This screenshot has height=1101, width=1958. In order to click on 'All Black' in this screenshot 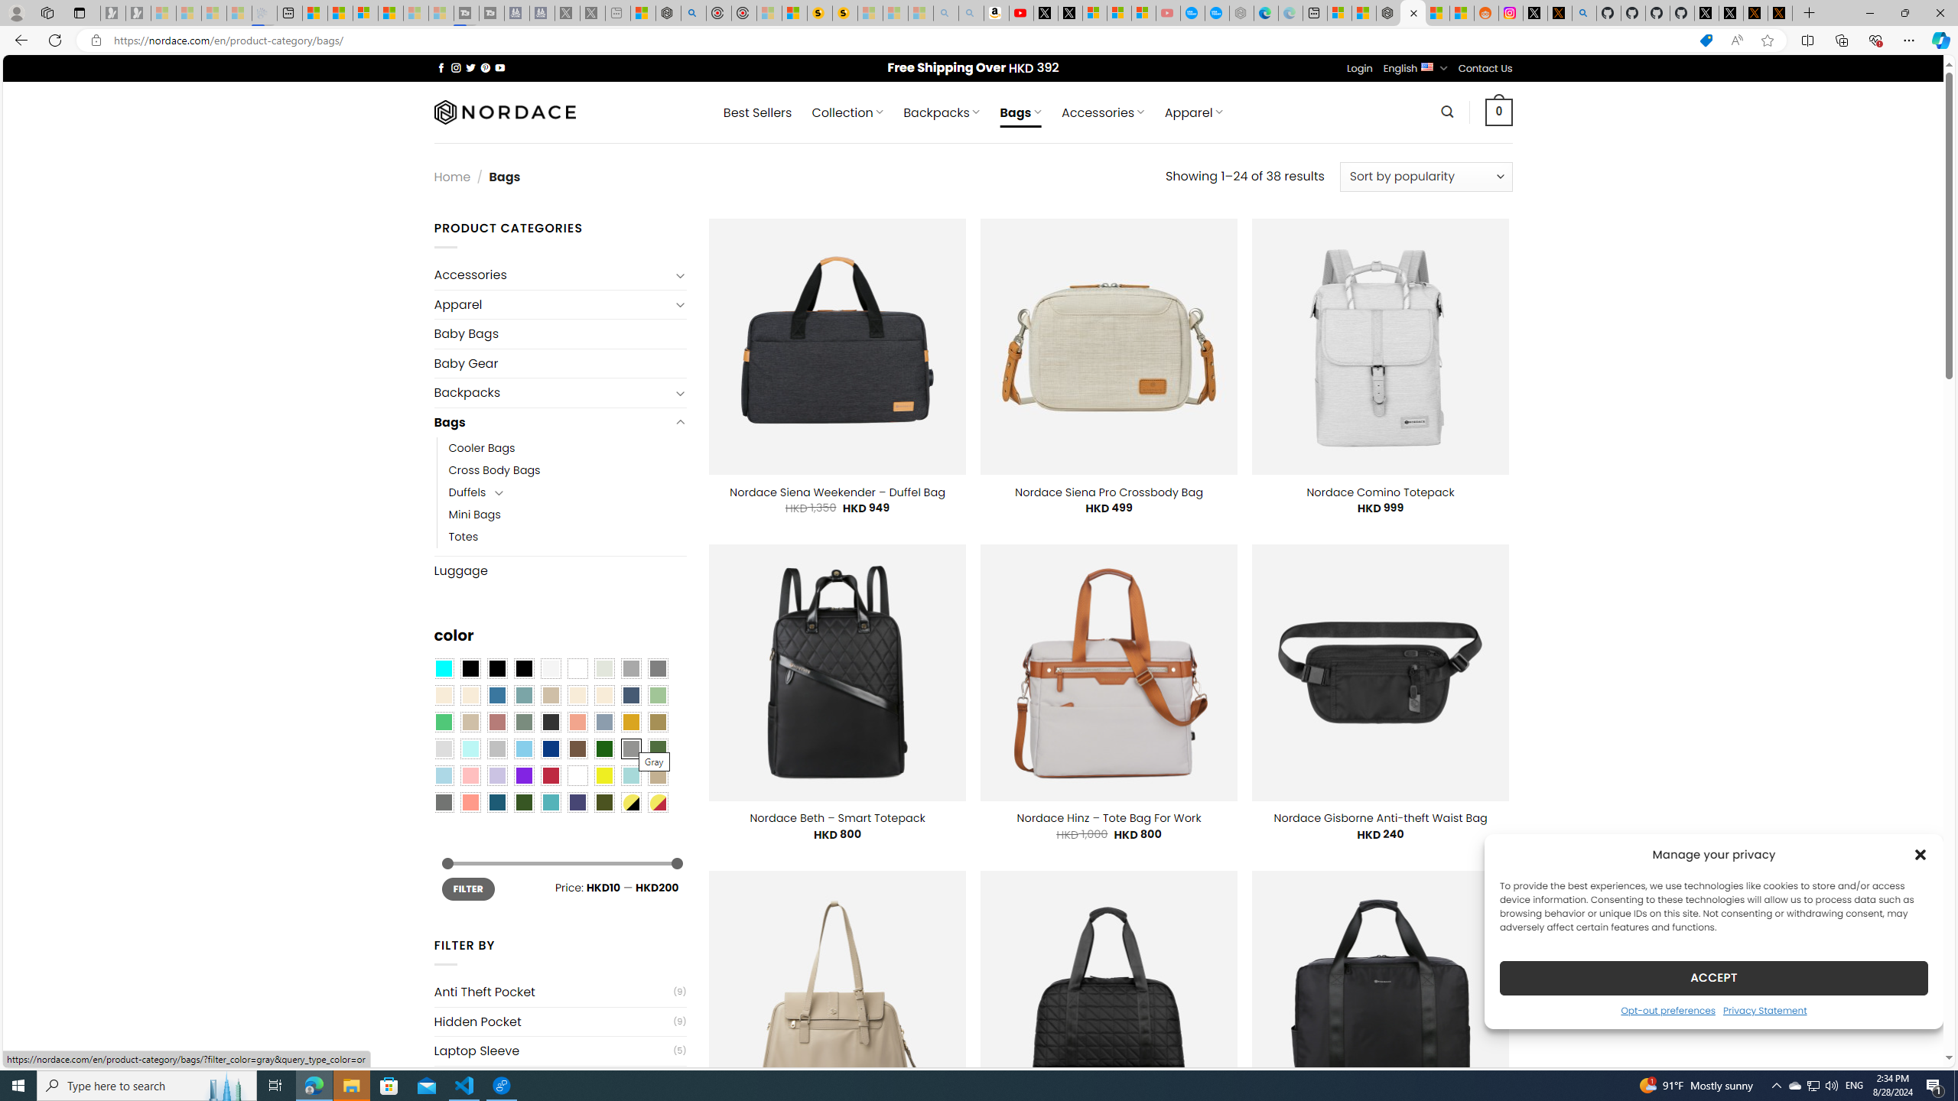, I will do `click(469, 668)`.